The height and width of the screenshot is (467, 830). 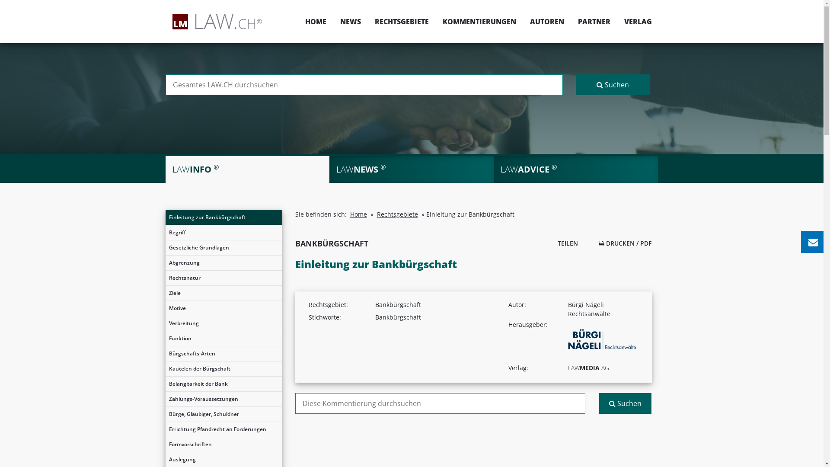 What do you see at coordinates (625, 243) in the screenshot?
I see `' DRUCKEN / PDF'` at bounding box center [625, 243].